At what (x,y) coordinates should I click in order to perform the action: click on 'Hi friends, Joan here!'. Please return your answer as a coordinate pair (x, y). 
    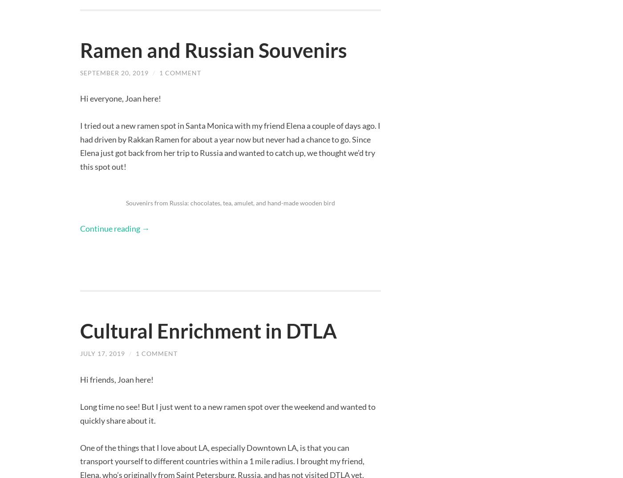
    Looking at the image, I should click on (117, 378).